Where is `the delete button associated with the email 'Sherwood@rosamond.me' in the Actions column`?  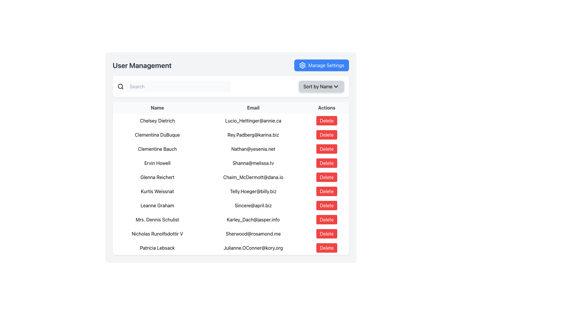 the delete button associated with the email 'Sherwood@rosamond.me' in the Actions column is located at coordinates (326, 233).